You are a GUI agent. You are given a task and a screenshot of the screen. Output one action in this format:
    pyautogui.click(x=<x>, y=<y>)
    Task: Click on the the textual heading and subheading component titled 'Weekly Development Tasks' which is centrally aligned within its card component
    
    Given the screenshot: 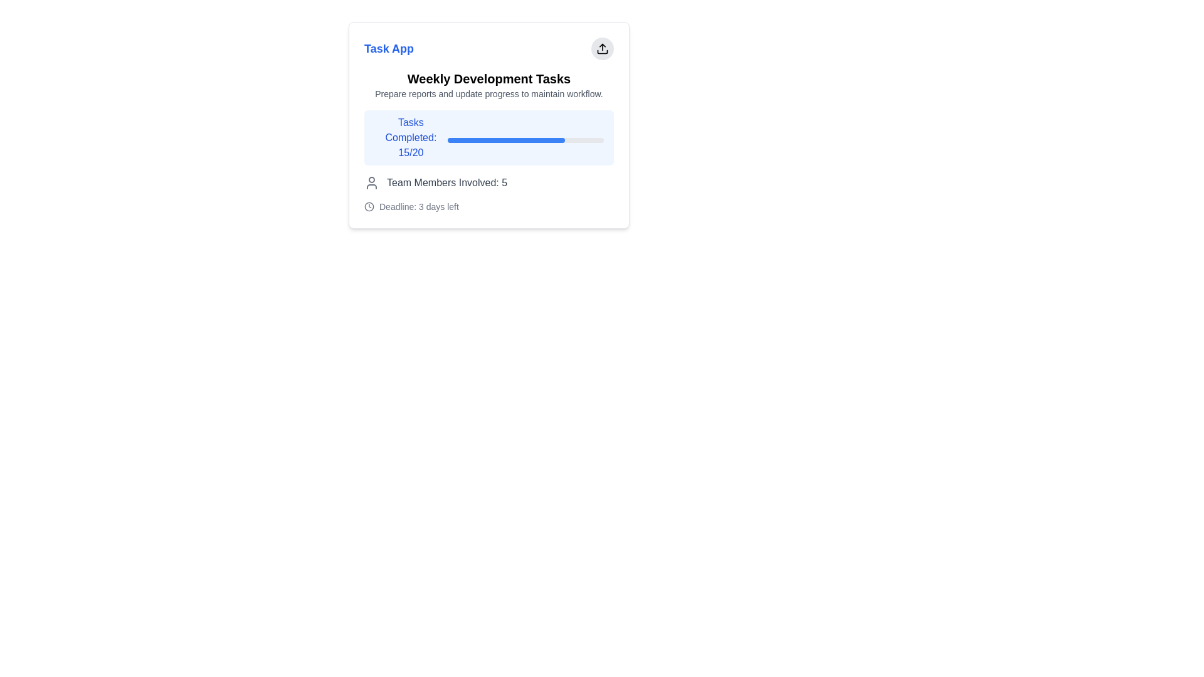 What is the action you would take?
    pyautogui.click(x=488, y=85)
    